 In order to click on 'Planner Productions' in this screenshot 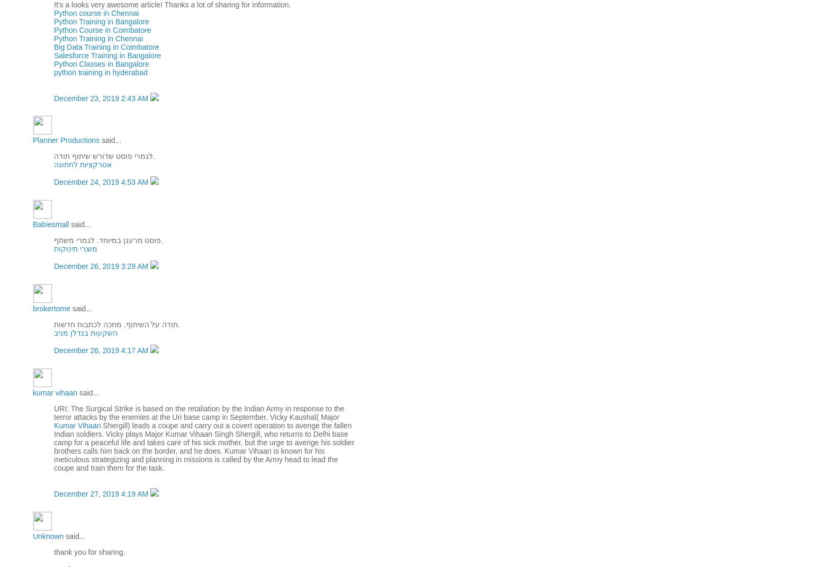, I will do `click(32, 140)`.